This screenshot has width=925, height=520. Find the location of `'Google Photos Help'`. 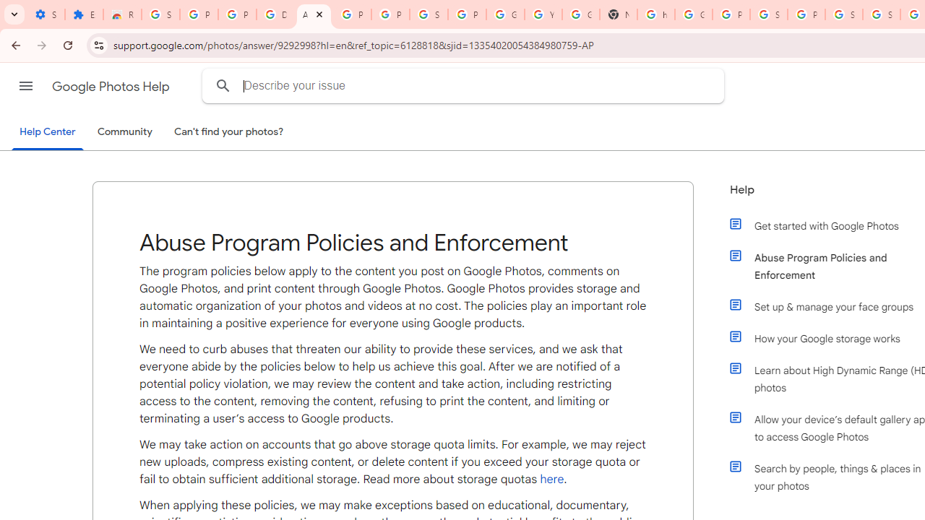

'Google Photos Help' is located at coordinates (111, 86).